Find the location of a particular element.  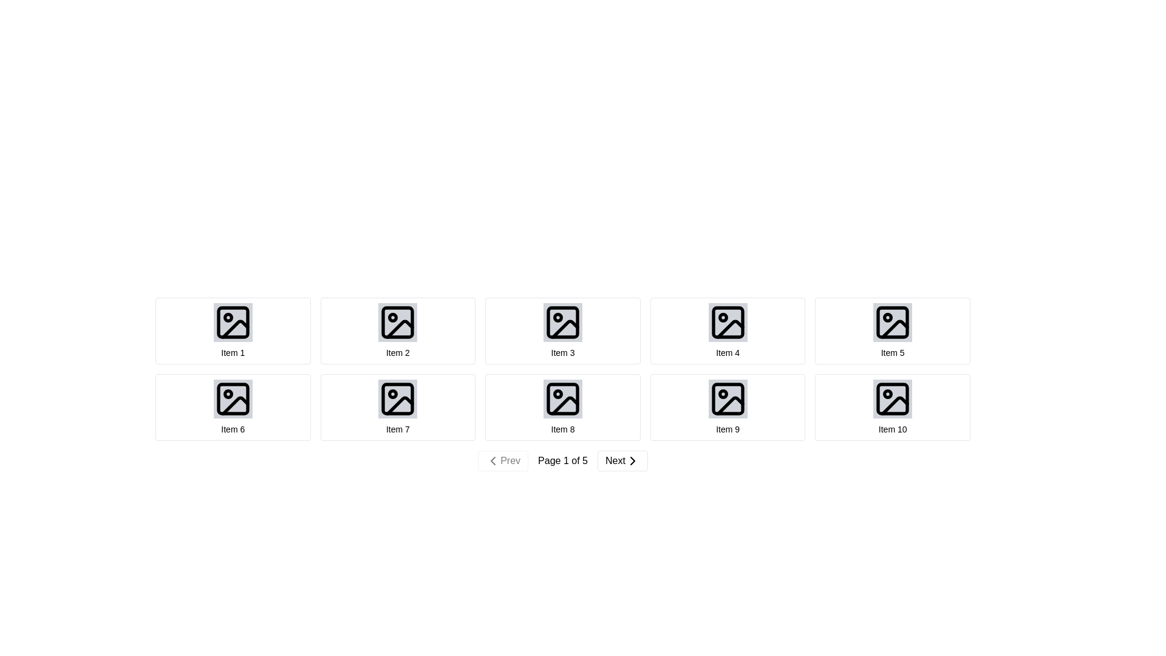

graphic details of the SVG image placeholder icon located in 'Item 3', which features a rectangular frame with rounded corners and a diagonal line, found in the first row, third column of the grid layout is located at coordinates (562, 322).